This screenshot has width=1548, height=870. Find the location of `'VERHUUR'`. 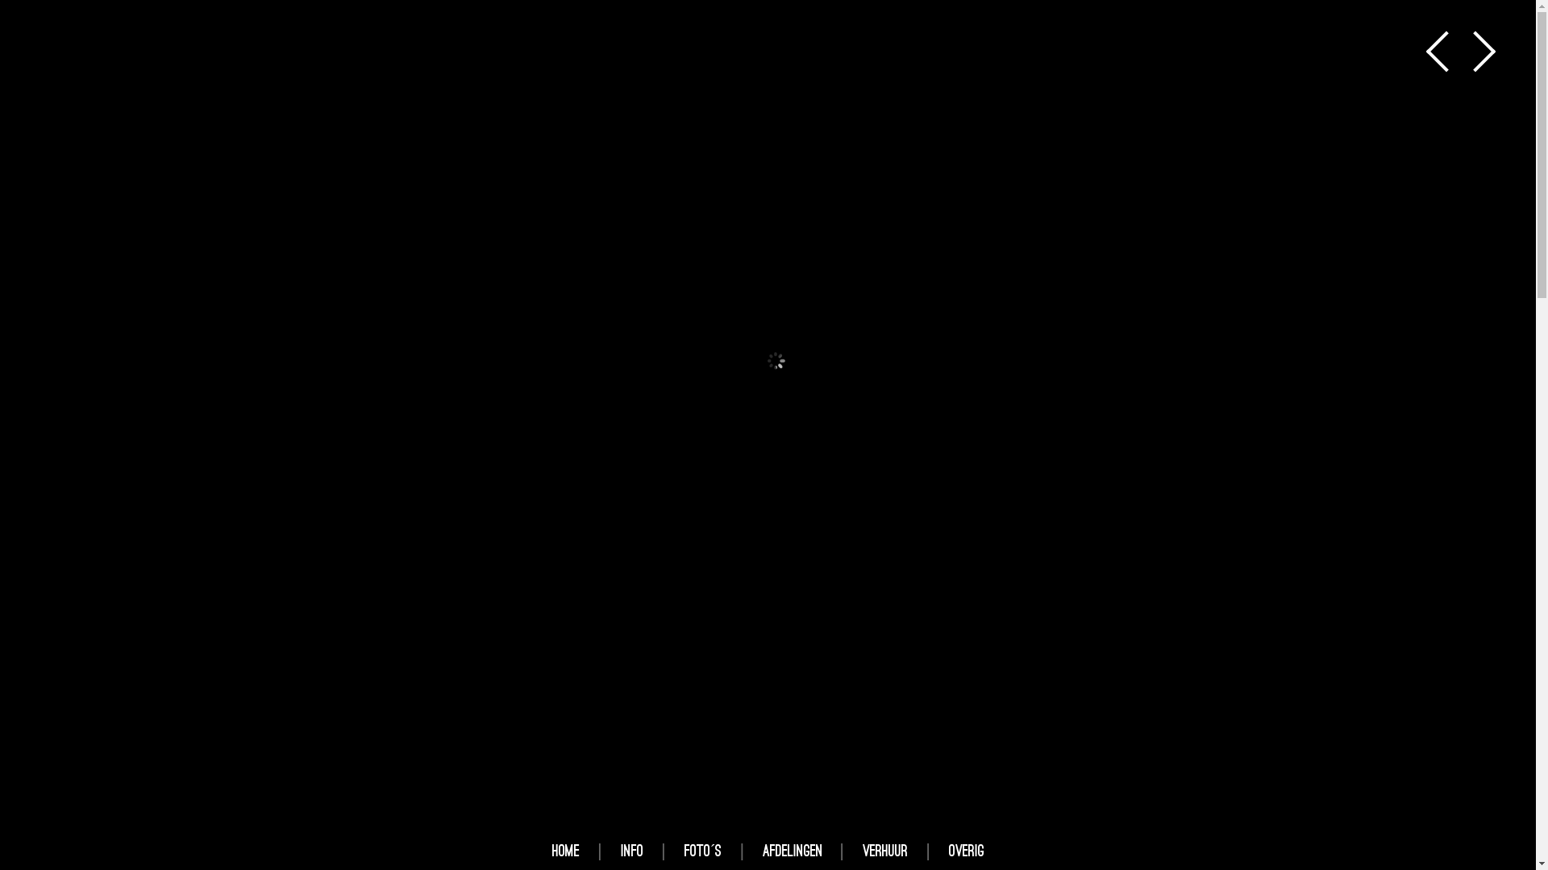

'VERHUUR' is located at coordinates (884, 850).